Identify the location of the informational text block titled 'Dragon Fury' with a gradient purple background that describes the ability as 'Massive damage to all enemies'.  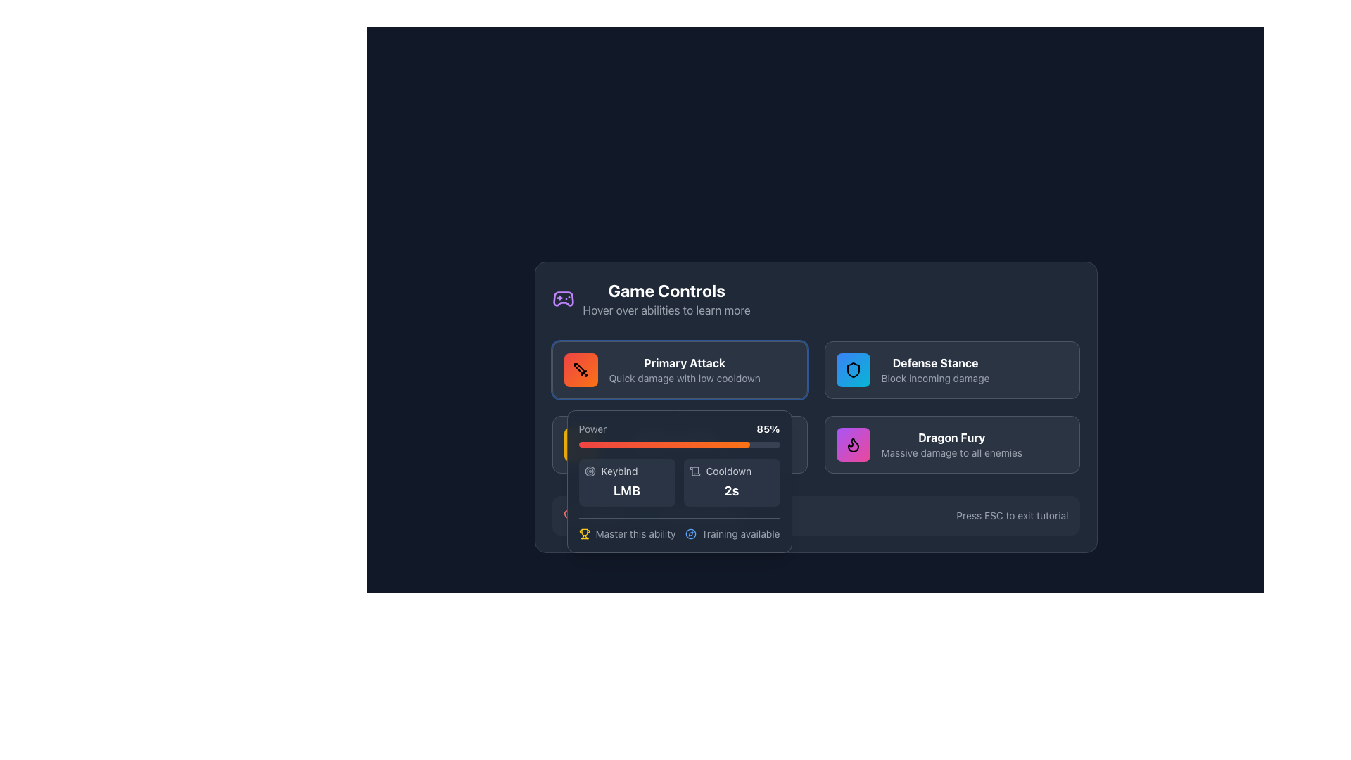
(951, 445).